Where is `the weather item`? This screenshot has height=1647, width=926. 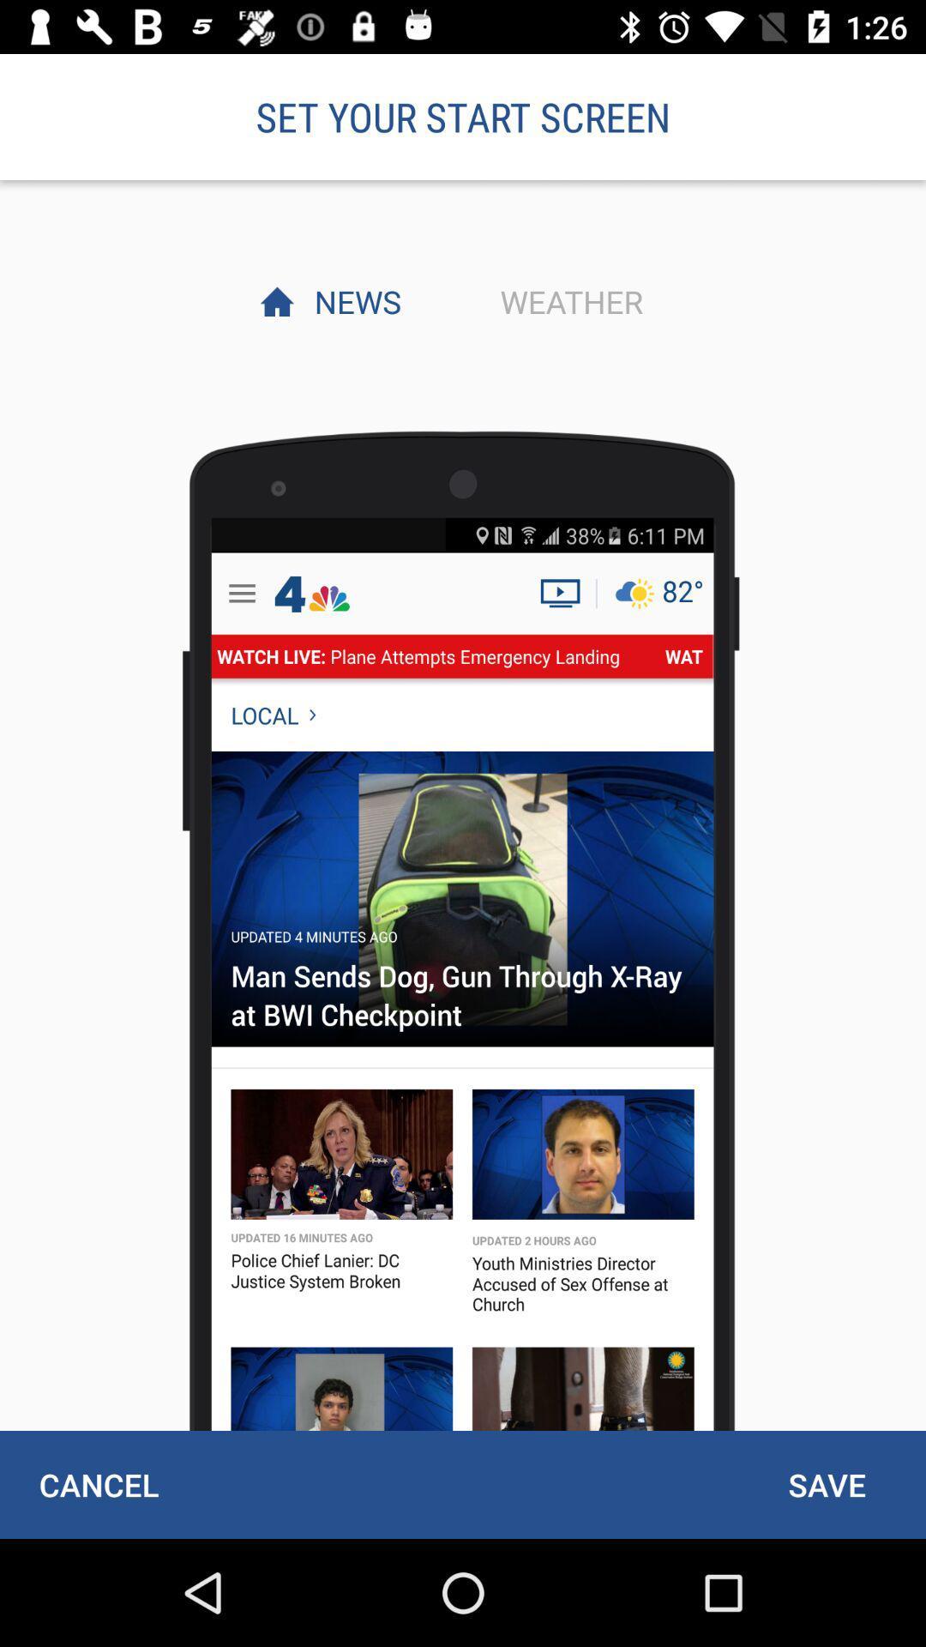 the weather item is located at coordinates (567, 301).